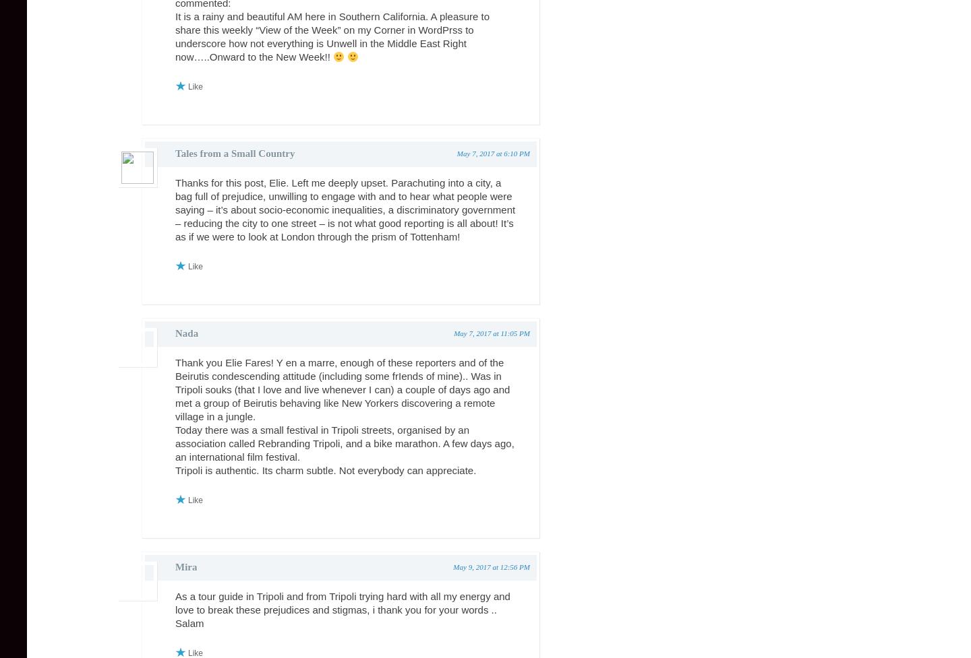 This screenshot has height=658, width=971. What do you see at coordinates (490, 566) in the screenshot?
I see `'May 9, 2017 at 12:56 PM'` at bounding box center [490, 566].